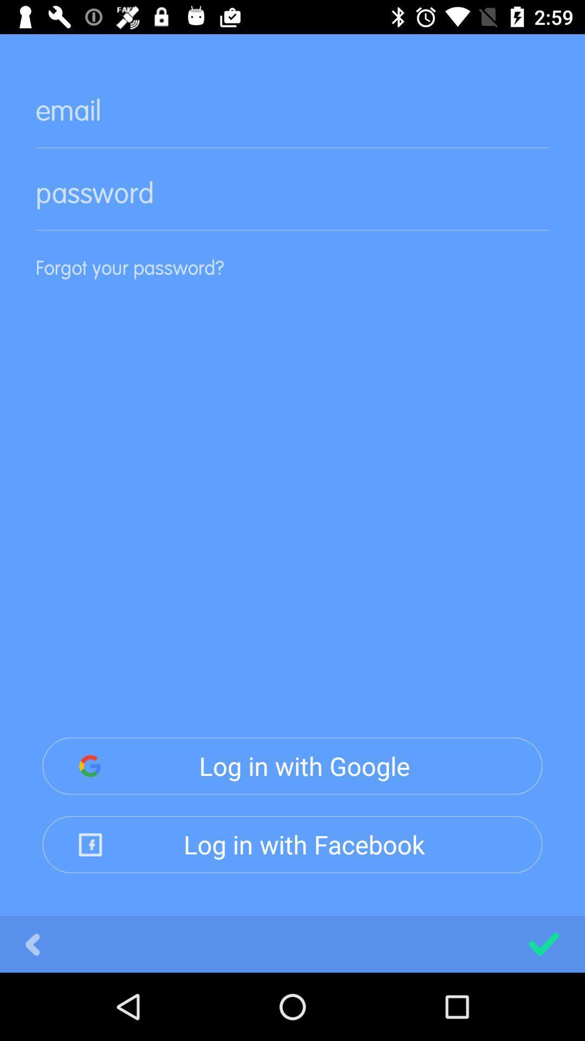 Image resolution: width=585 pixels, height=1041 pixels. I want to click on forgot your password? icon, so click(292, 284).